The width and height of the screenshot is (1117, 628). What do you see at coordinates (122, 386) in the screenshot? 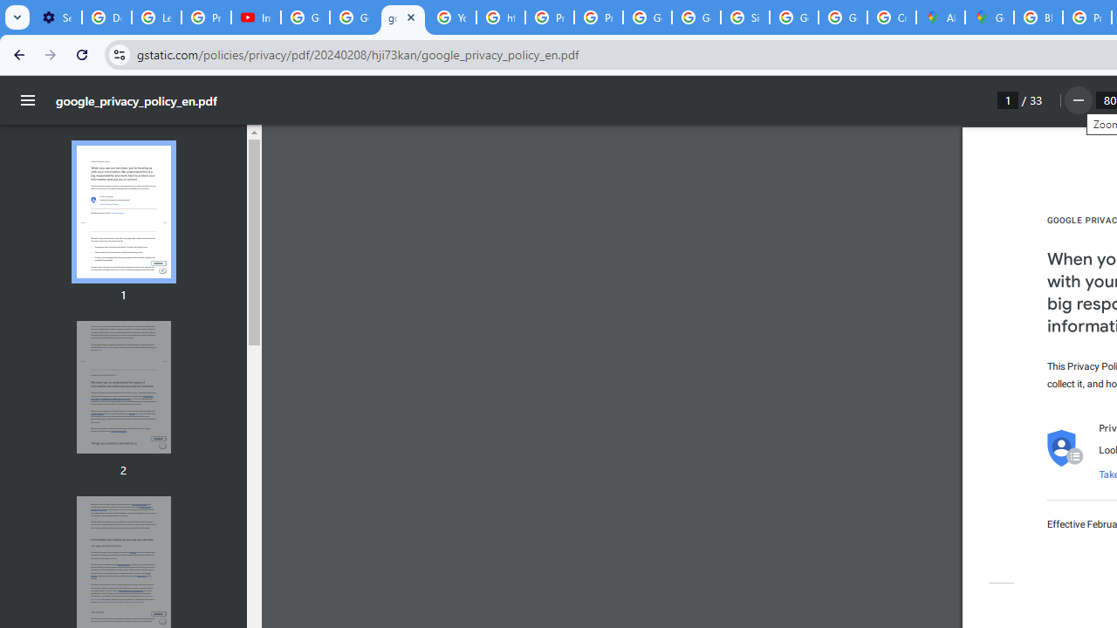
I see `'Thumbnail for page 2'` at bounding box center [122, 386].